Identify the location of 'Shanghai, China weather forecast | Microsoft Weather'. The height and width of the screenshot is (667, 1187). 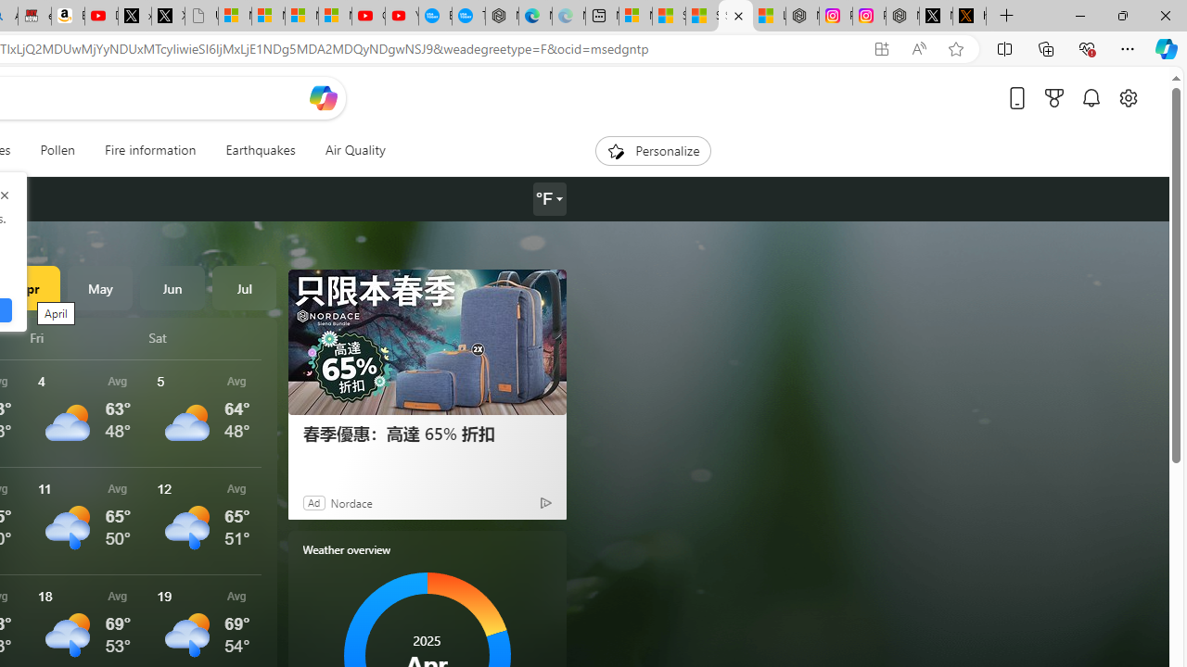
(668, 16).